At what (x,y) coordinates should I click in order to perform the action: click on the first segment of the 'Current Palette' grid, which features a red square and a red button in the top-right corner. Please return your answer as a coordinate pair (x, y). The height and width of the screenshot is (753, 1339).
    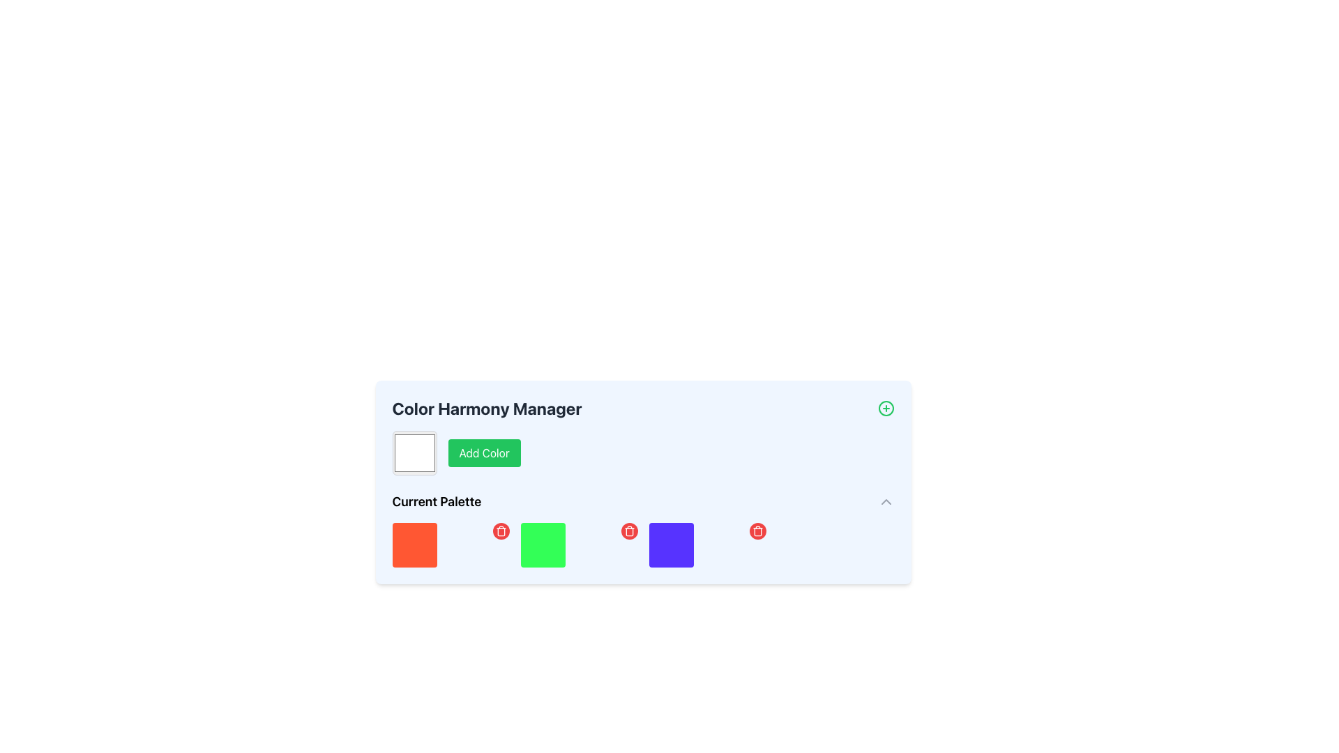
    Looking at the image, I should click on (451, 545).